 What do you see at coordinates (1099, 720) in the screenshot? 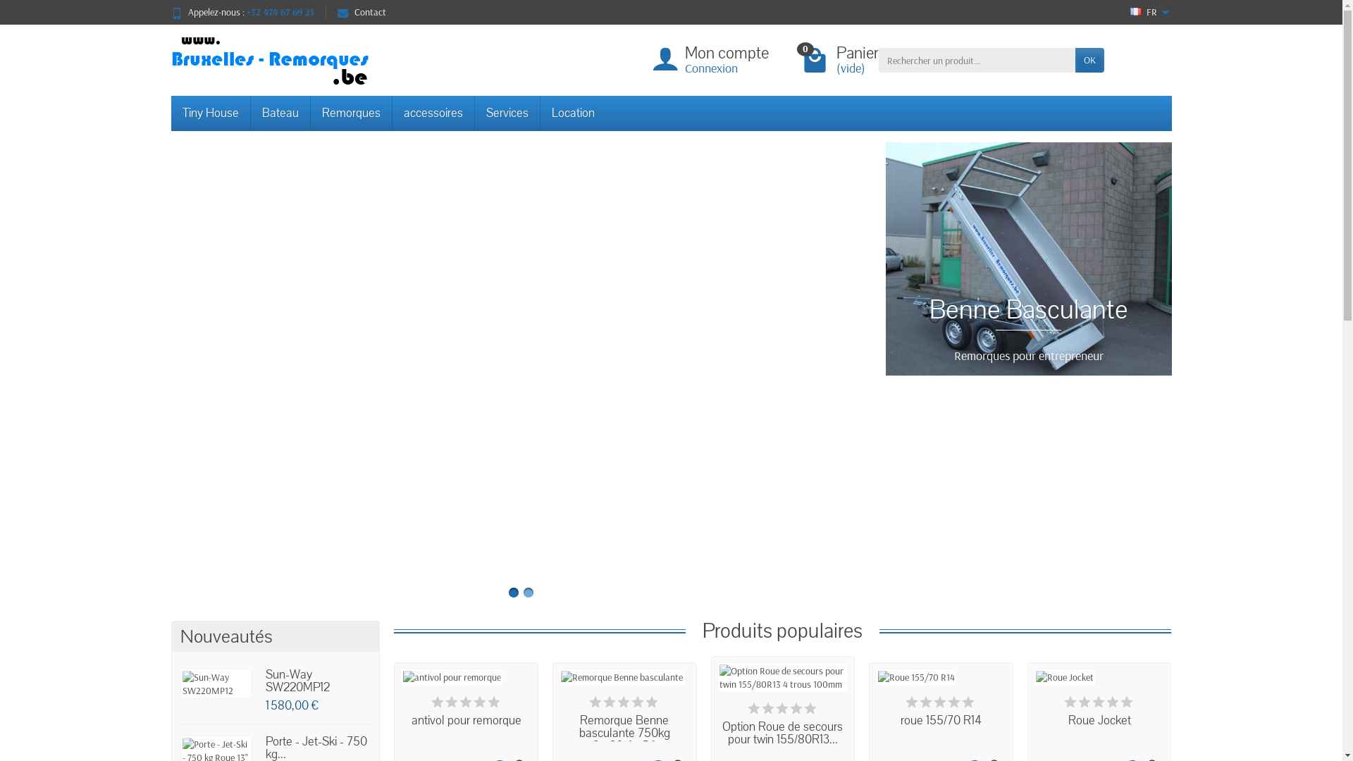
I see `'Roue Jocket'` at bounding box center [1099, 720].